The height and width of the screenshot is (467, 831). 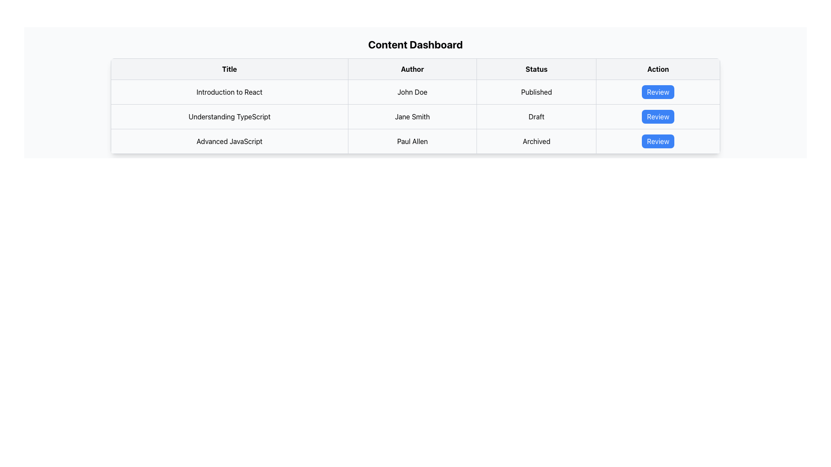 What do you see at coordinates (229, 92) in the screenshot?
I see `text 'Introduction to React' from the title cell in the first column of the first row of the table` at bounding box center [229, 92].